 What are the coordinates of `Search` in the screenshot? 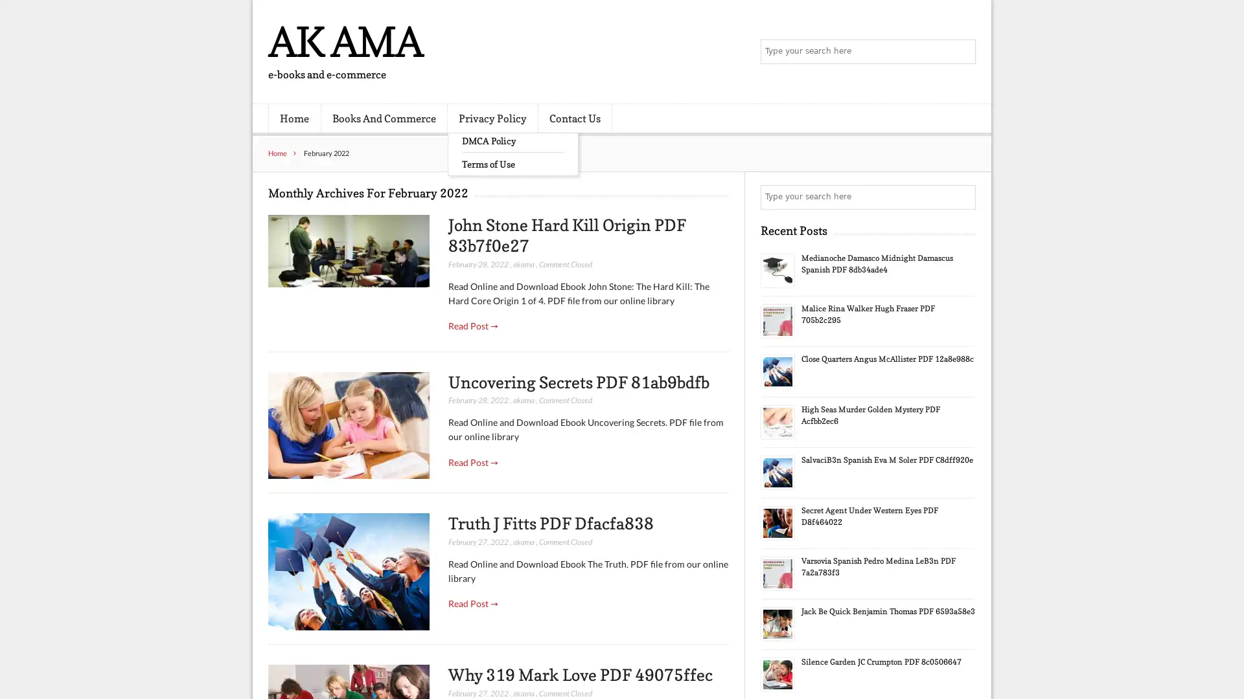 It's located at (962, 52).